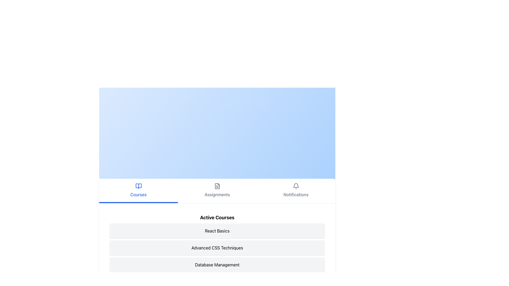 The height and width of the screenshot is (286, 509). I want to click on the 'Courses' text label, which is styled in blue font and positioned below an open book icon, centered horizontally, so click(138, 194).